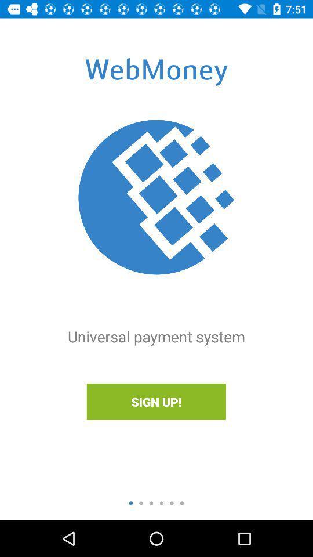 This screenshot has height=557, width=313. Describe the element at coordinates (156, 402) in the screenshot. I see `sign up!` at that location.